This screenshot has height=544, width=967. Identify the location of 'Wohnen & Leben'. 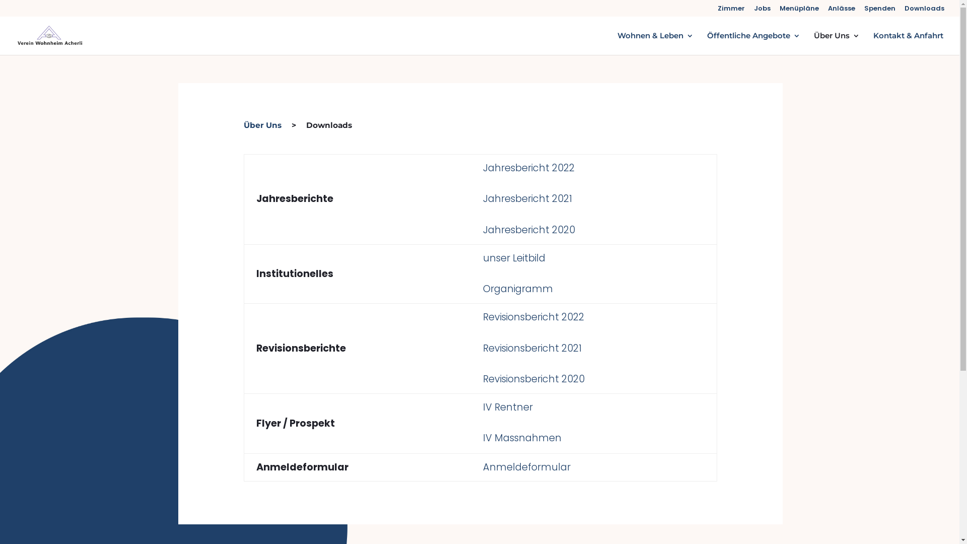
(616, 43).